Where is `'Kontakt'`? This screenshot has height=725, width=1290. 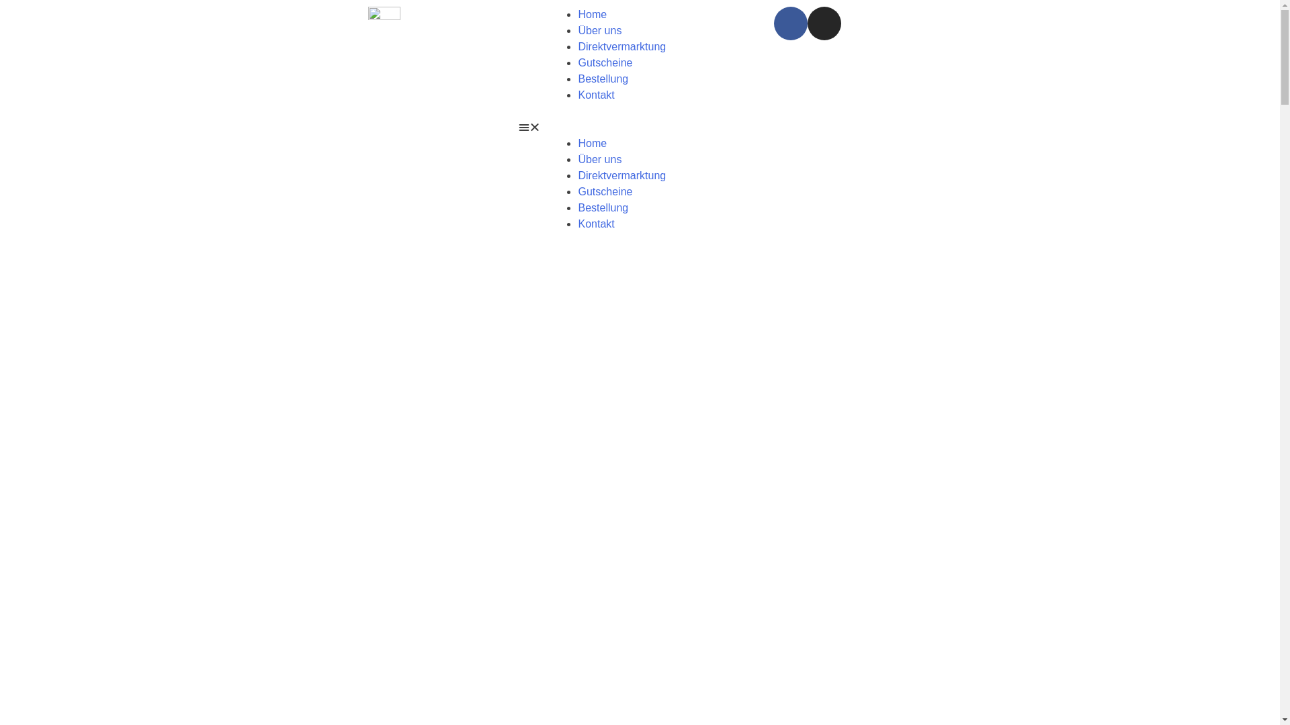
'Kontakt' is located at coordinates (595, 223).